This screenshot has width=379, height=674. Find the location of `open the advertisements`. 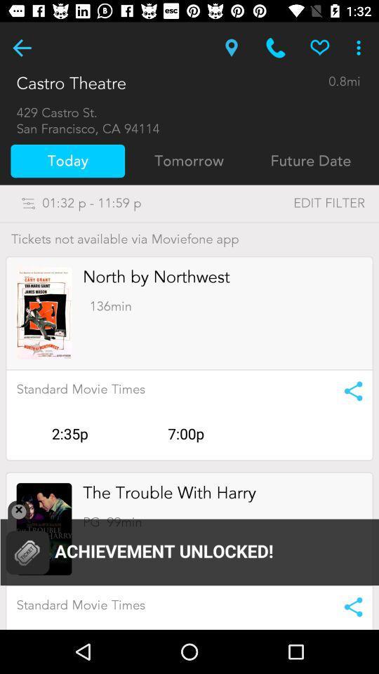

open the advertisements is located at coordinates (44, 528).